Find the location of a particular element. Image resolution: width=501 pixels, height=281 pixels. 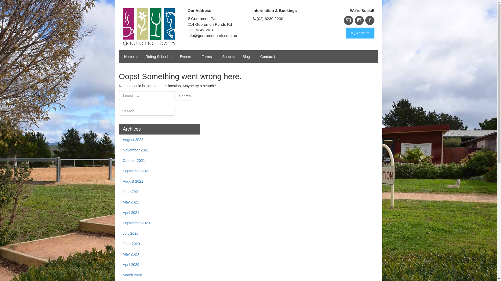

'Home' is located at coordinates (130, 56).